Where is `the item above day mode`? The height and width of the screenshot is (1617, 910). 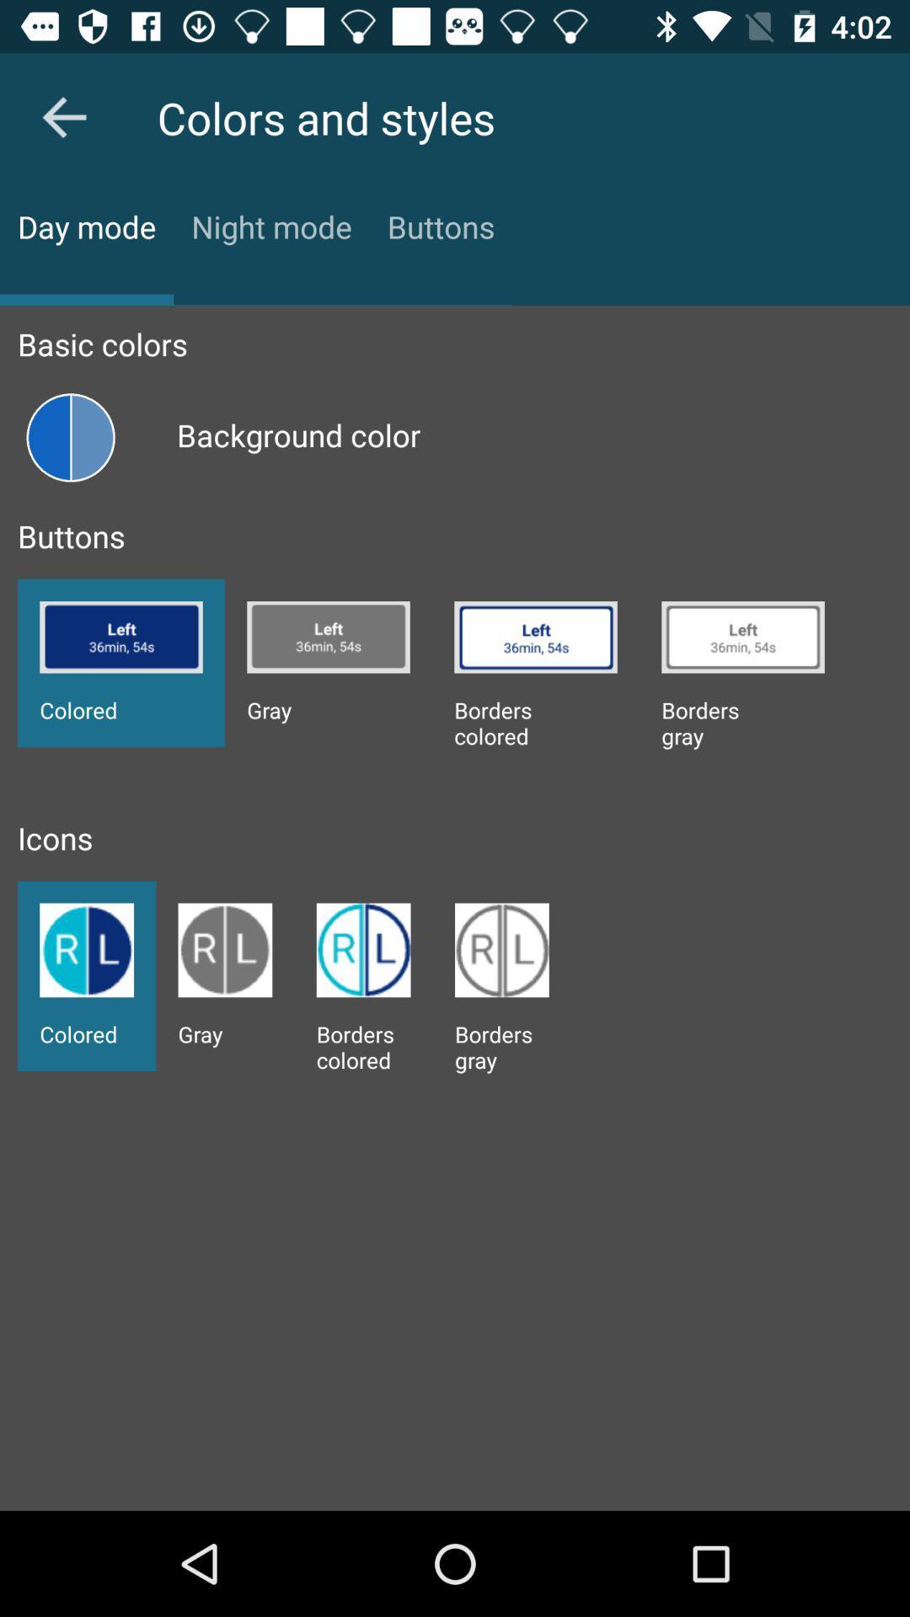 the item above day mode is located at coordinates (63, 116).